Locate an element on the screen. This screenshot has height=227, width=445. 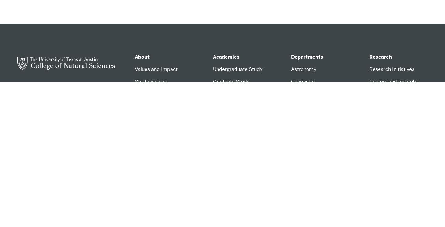
'Nutritional Sciences' is located at coordinates (314, 200).